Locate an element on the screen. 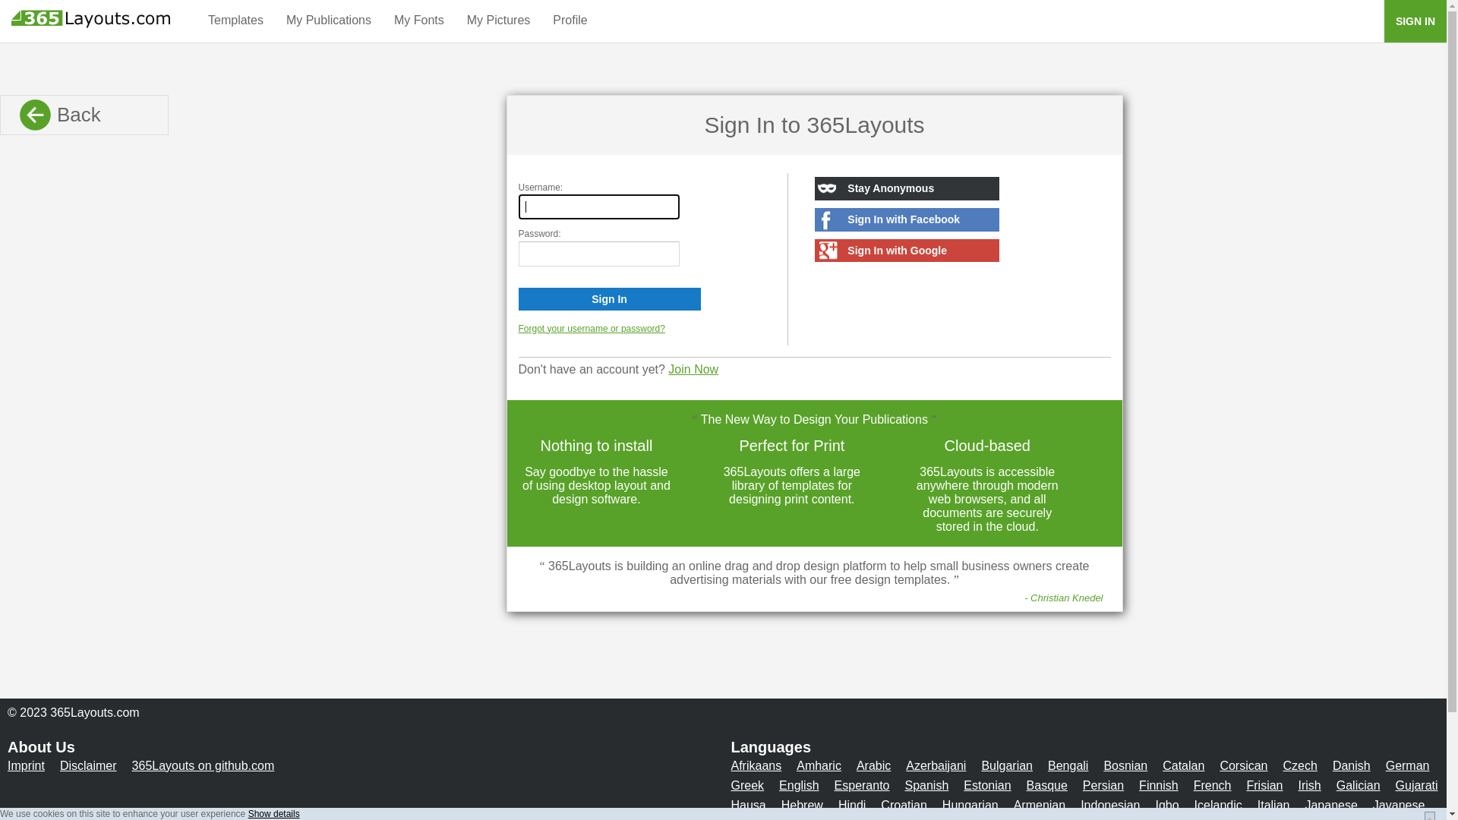 This screenshot has width=1458, height=820. '365Layouts on github.com' is located at coordinates (203, 765).